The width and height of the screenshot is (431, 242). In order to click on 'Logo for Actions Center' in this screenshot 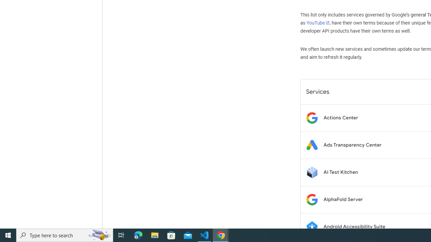, I will do `click(311, 117)`.